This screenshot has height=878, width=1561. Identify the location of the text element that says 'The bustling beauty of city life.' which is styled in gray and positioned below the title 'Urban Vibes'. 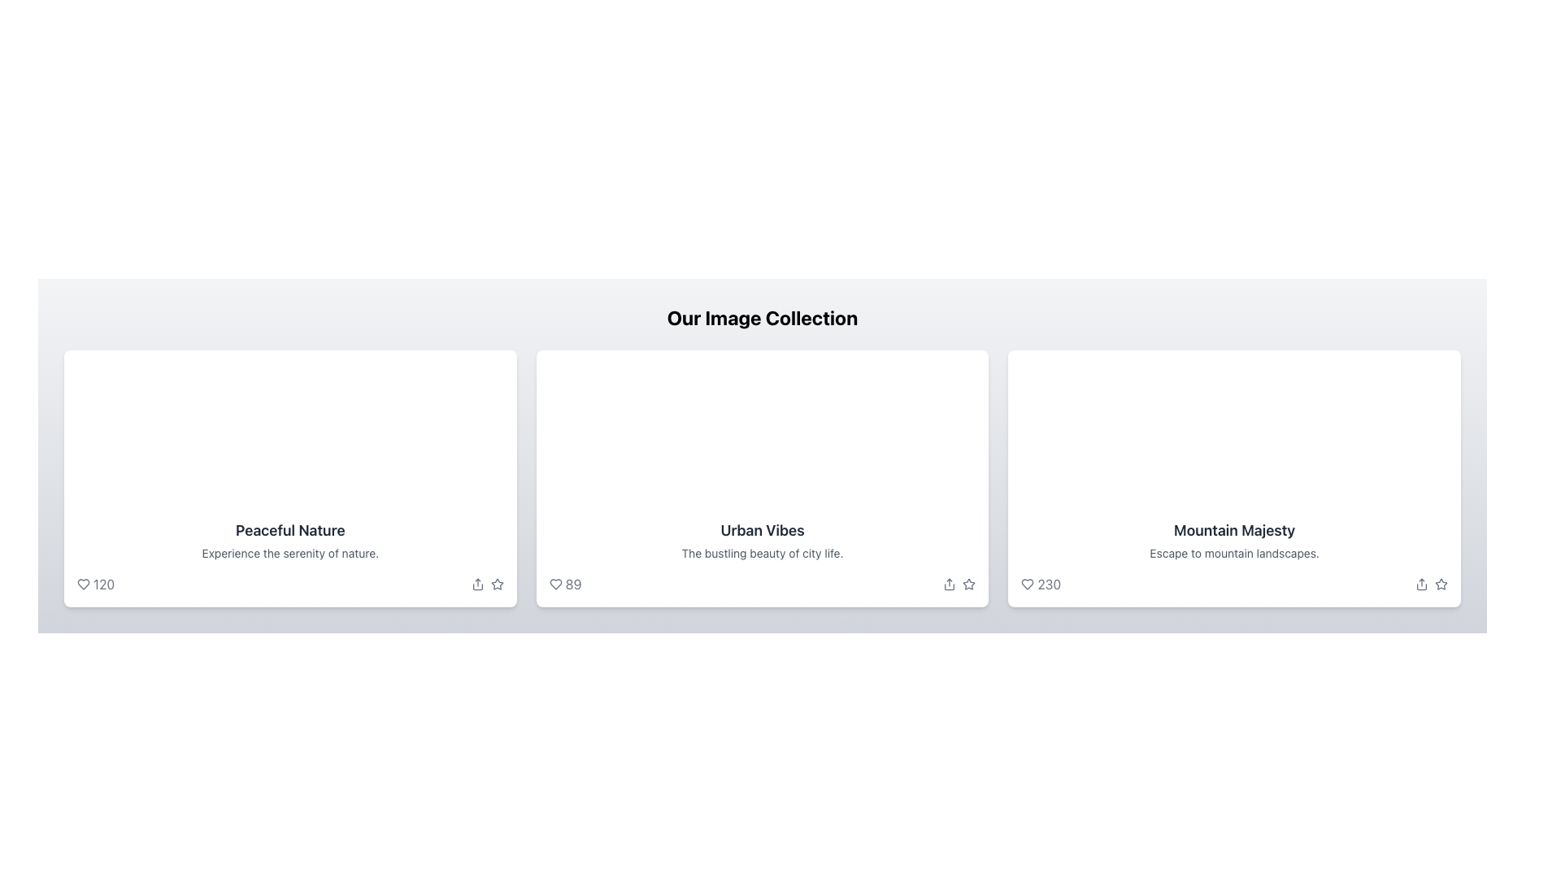
(761, 553).